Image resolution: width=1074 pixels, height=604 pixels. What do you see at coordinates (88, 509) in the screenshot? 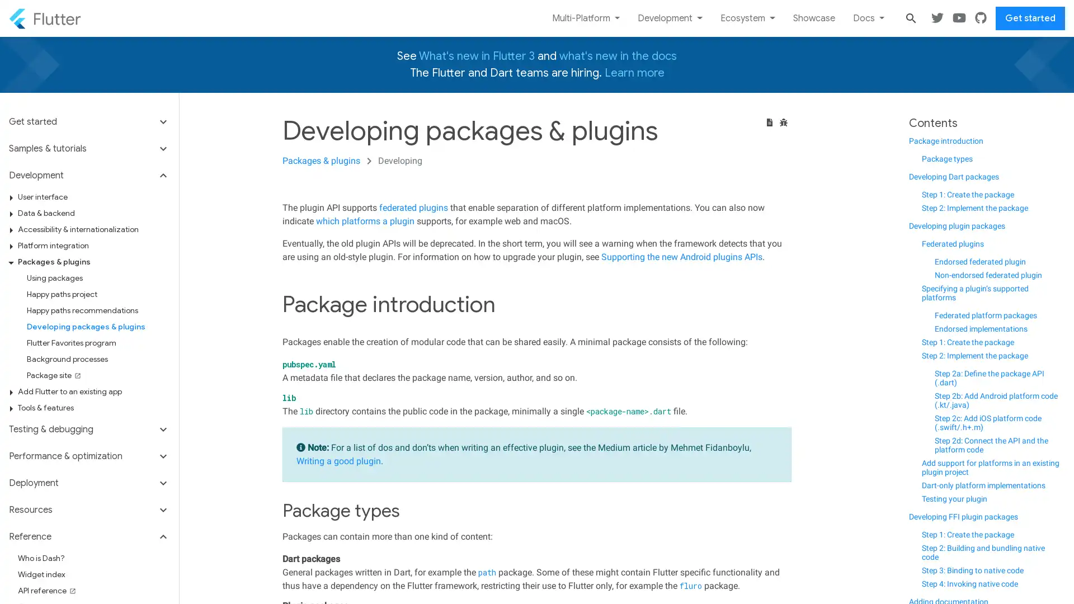
I see `Resources keyboard_arrow_down` at bounding box center [88, 509].